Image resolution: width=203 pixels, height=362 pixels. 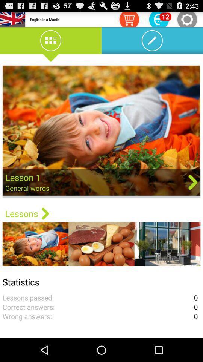 I want to click on level button, so click(x=158, y=19).